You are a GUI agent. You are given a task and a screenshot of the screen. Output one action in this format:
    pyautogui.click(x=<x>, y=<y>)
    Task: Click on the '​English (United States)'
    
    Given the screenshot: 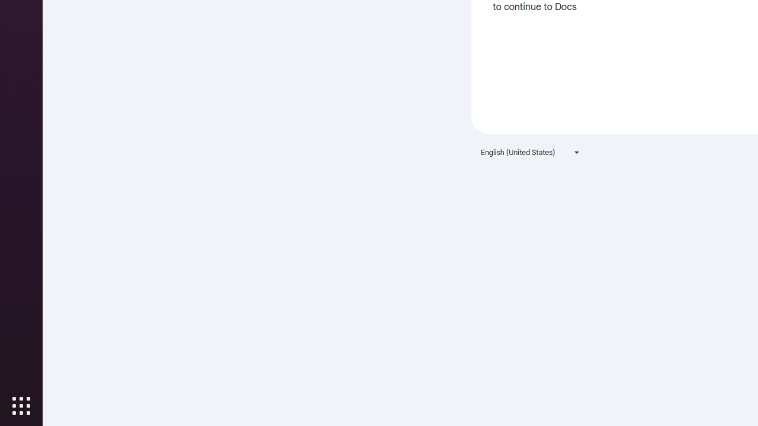 What is the action you would take?
    pyautogui.click(x=530, y=151)
    